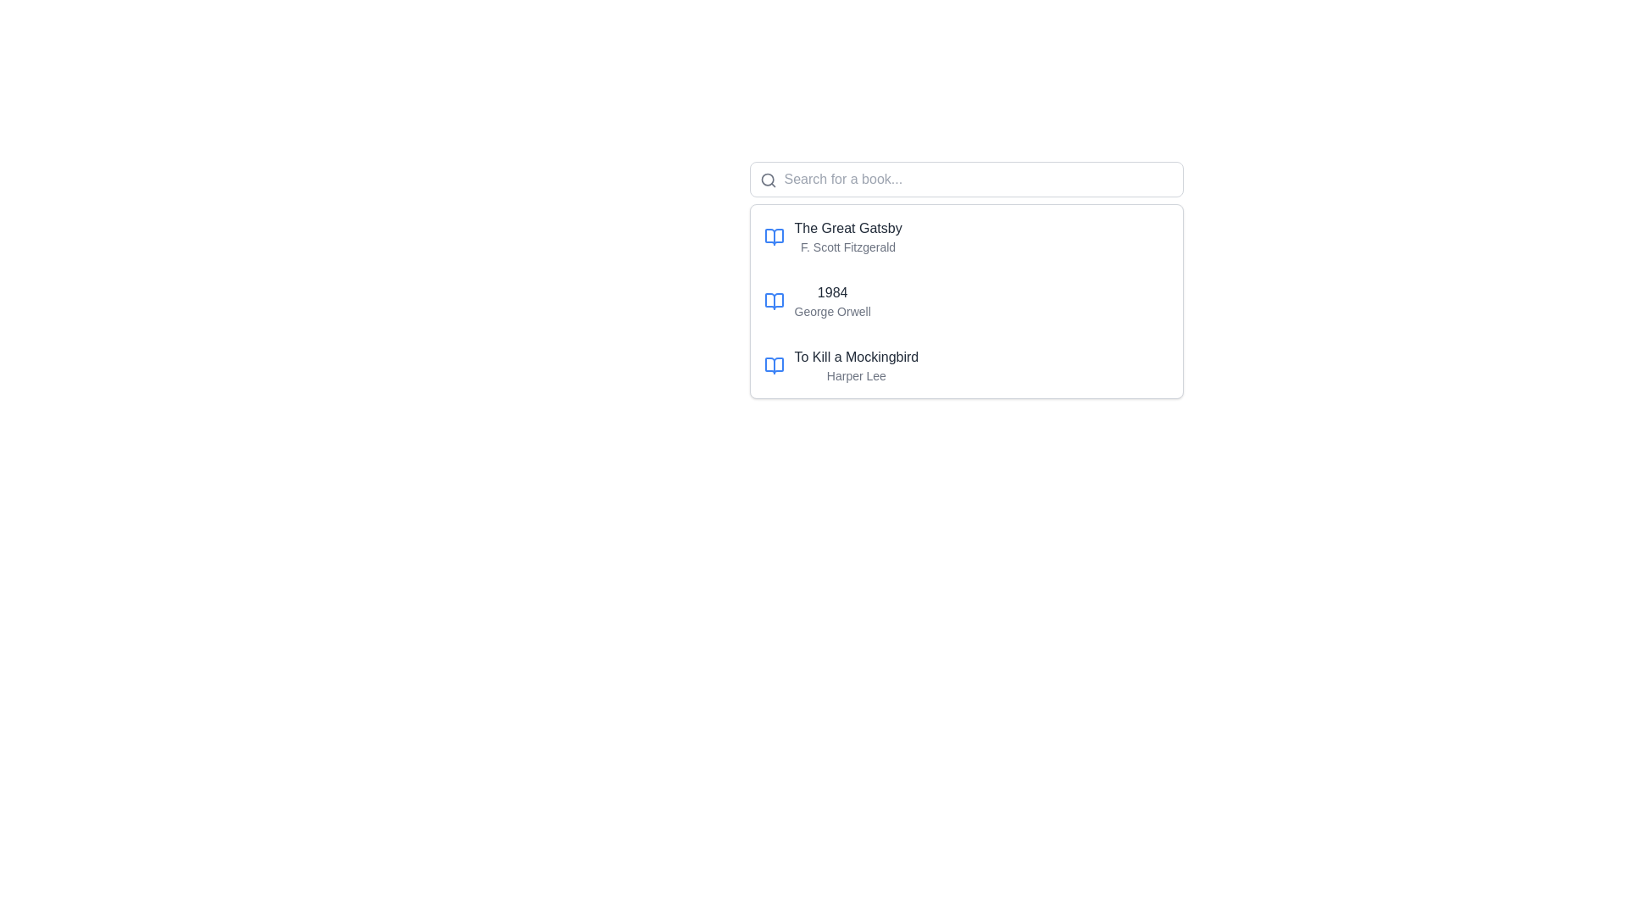  Describe the element at coordinates (832, 300) in the screenshot. I see `the static text element displaying the book title '1984' by author 'George Orwell', which is the second item in a vertical list of books` at that location.